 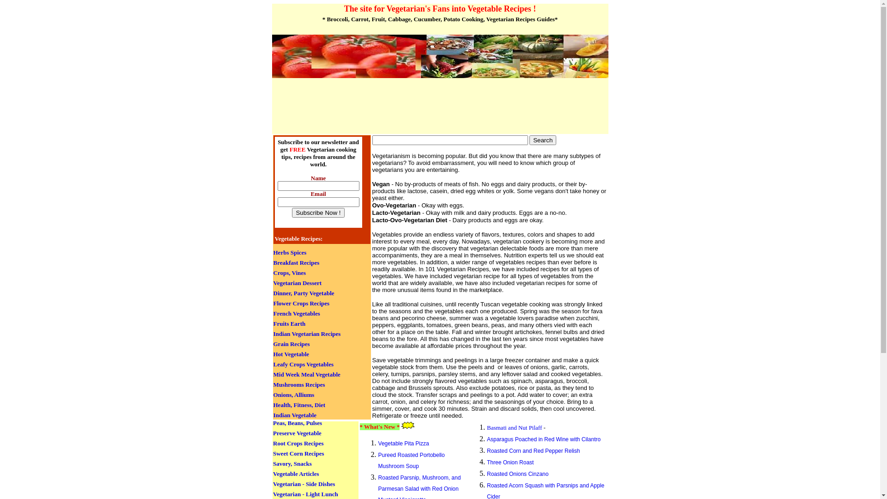 What do you see at coordinates (517, 474) in the screenshot?
I see `'Roasted Onions Cinzano'` at bounding box center [517, 474].